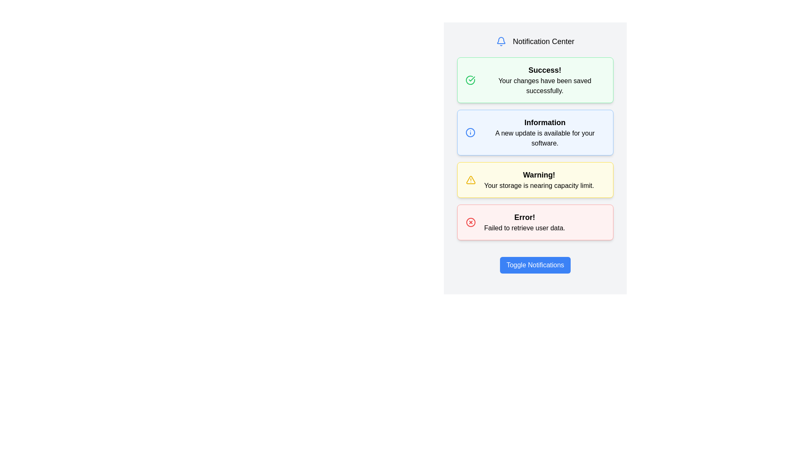 The height and width of the screenshot is (449, 798). I want to click on the Text Label that serves as a heading to convey the error state of the notification, positioned at the bottom of a vertical stack of notifications, so click(524, 217).